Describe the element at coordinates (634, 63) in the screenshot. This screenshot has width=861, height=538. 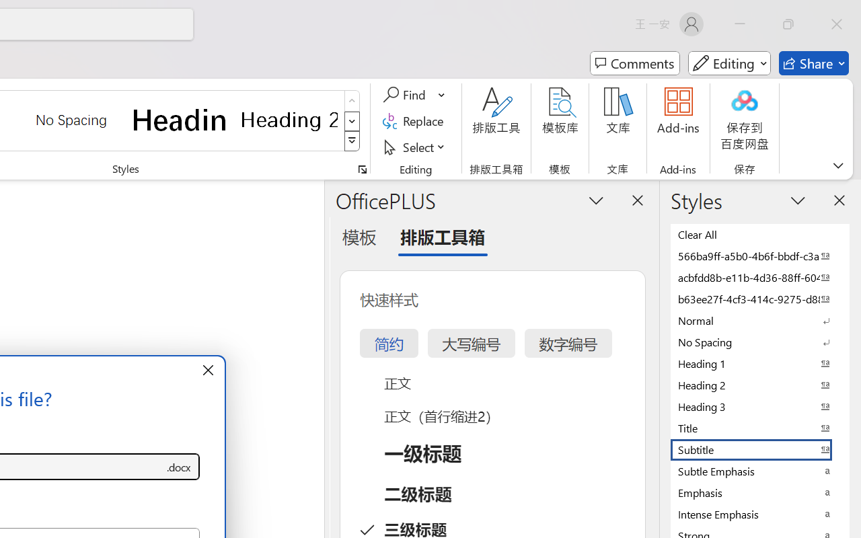
I see `'Comments'` at that location.